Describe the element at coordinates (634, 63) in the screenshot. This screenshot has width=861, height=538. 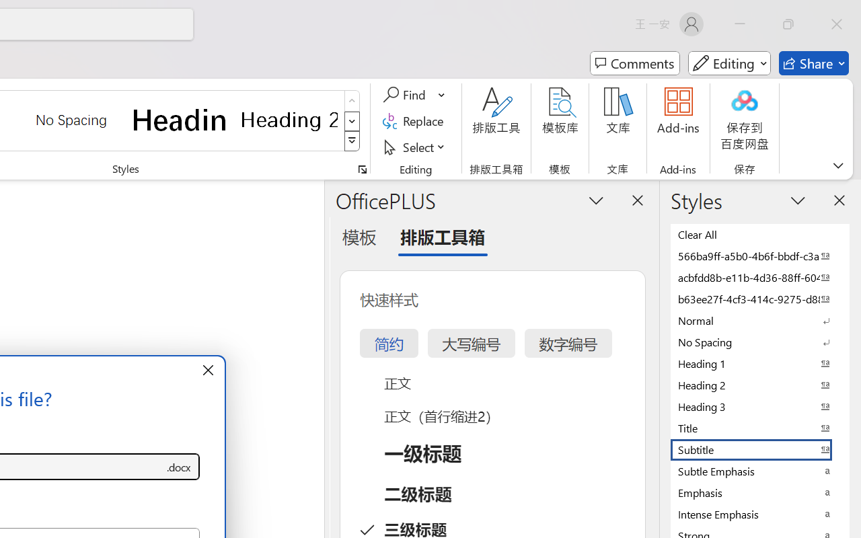
I see `'Comments'` at that location.